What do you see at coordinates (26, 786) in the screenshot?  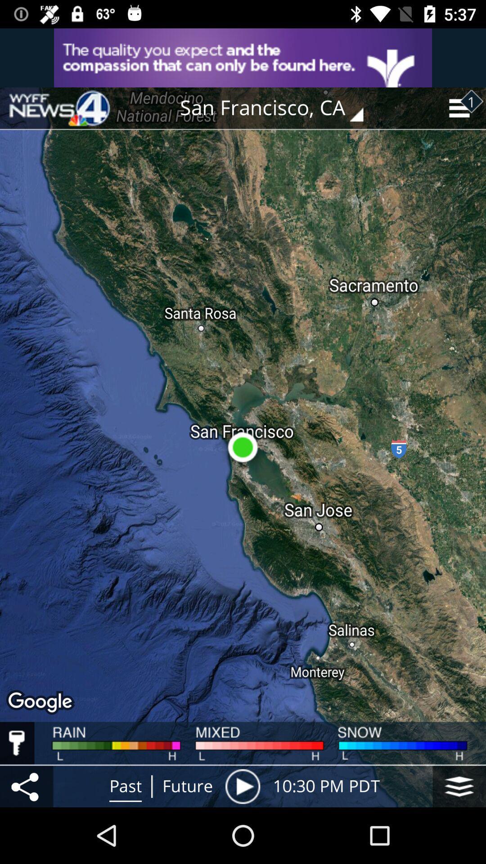 I see `the share icon` at bounding box center [26, 786].